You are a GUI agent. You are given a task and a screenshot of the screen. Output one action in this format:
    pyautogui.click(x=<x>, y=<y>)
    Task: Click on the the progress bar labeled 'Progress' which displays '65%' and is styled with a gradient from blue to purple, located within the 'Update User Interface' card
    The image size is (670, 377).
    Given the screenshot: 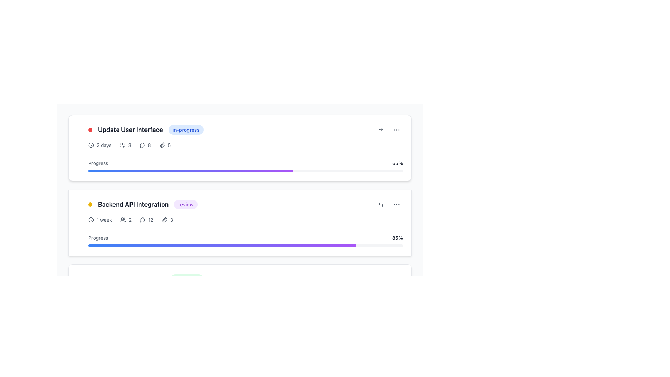 What is the action you would take?
    pyautogui.click(x=246, y=163)
    